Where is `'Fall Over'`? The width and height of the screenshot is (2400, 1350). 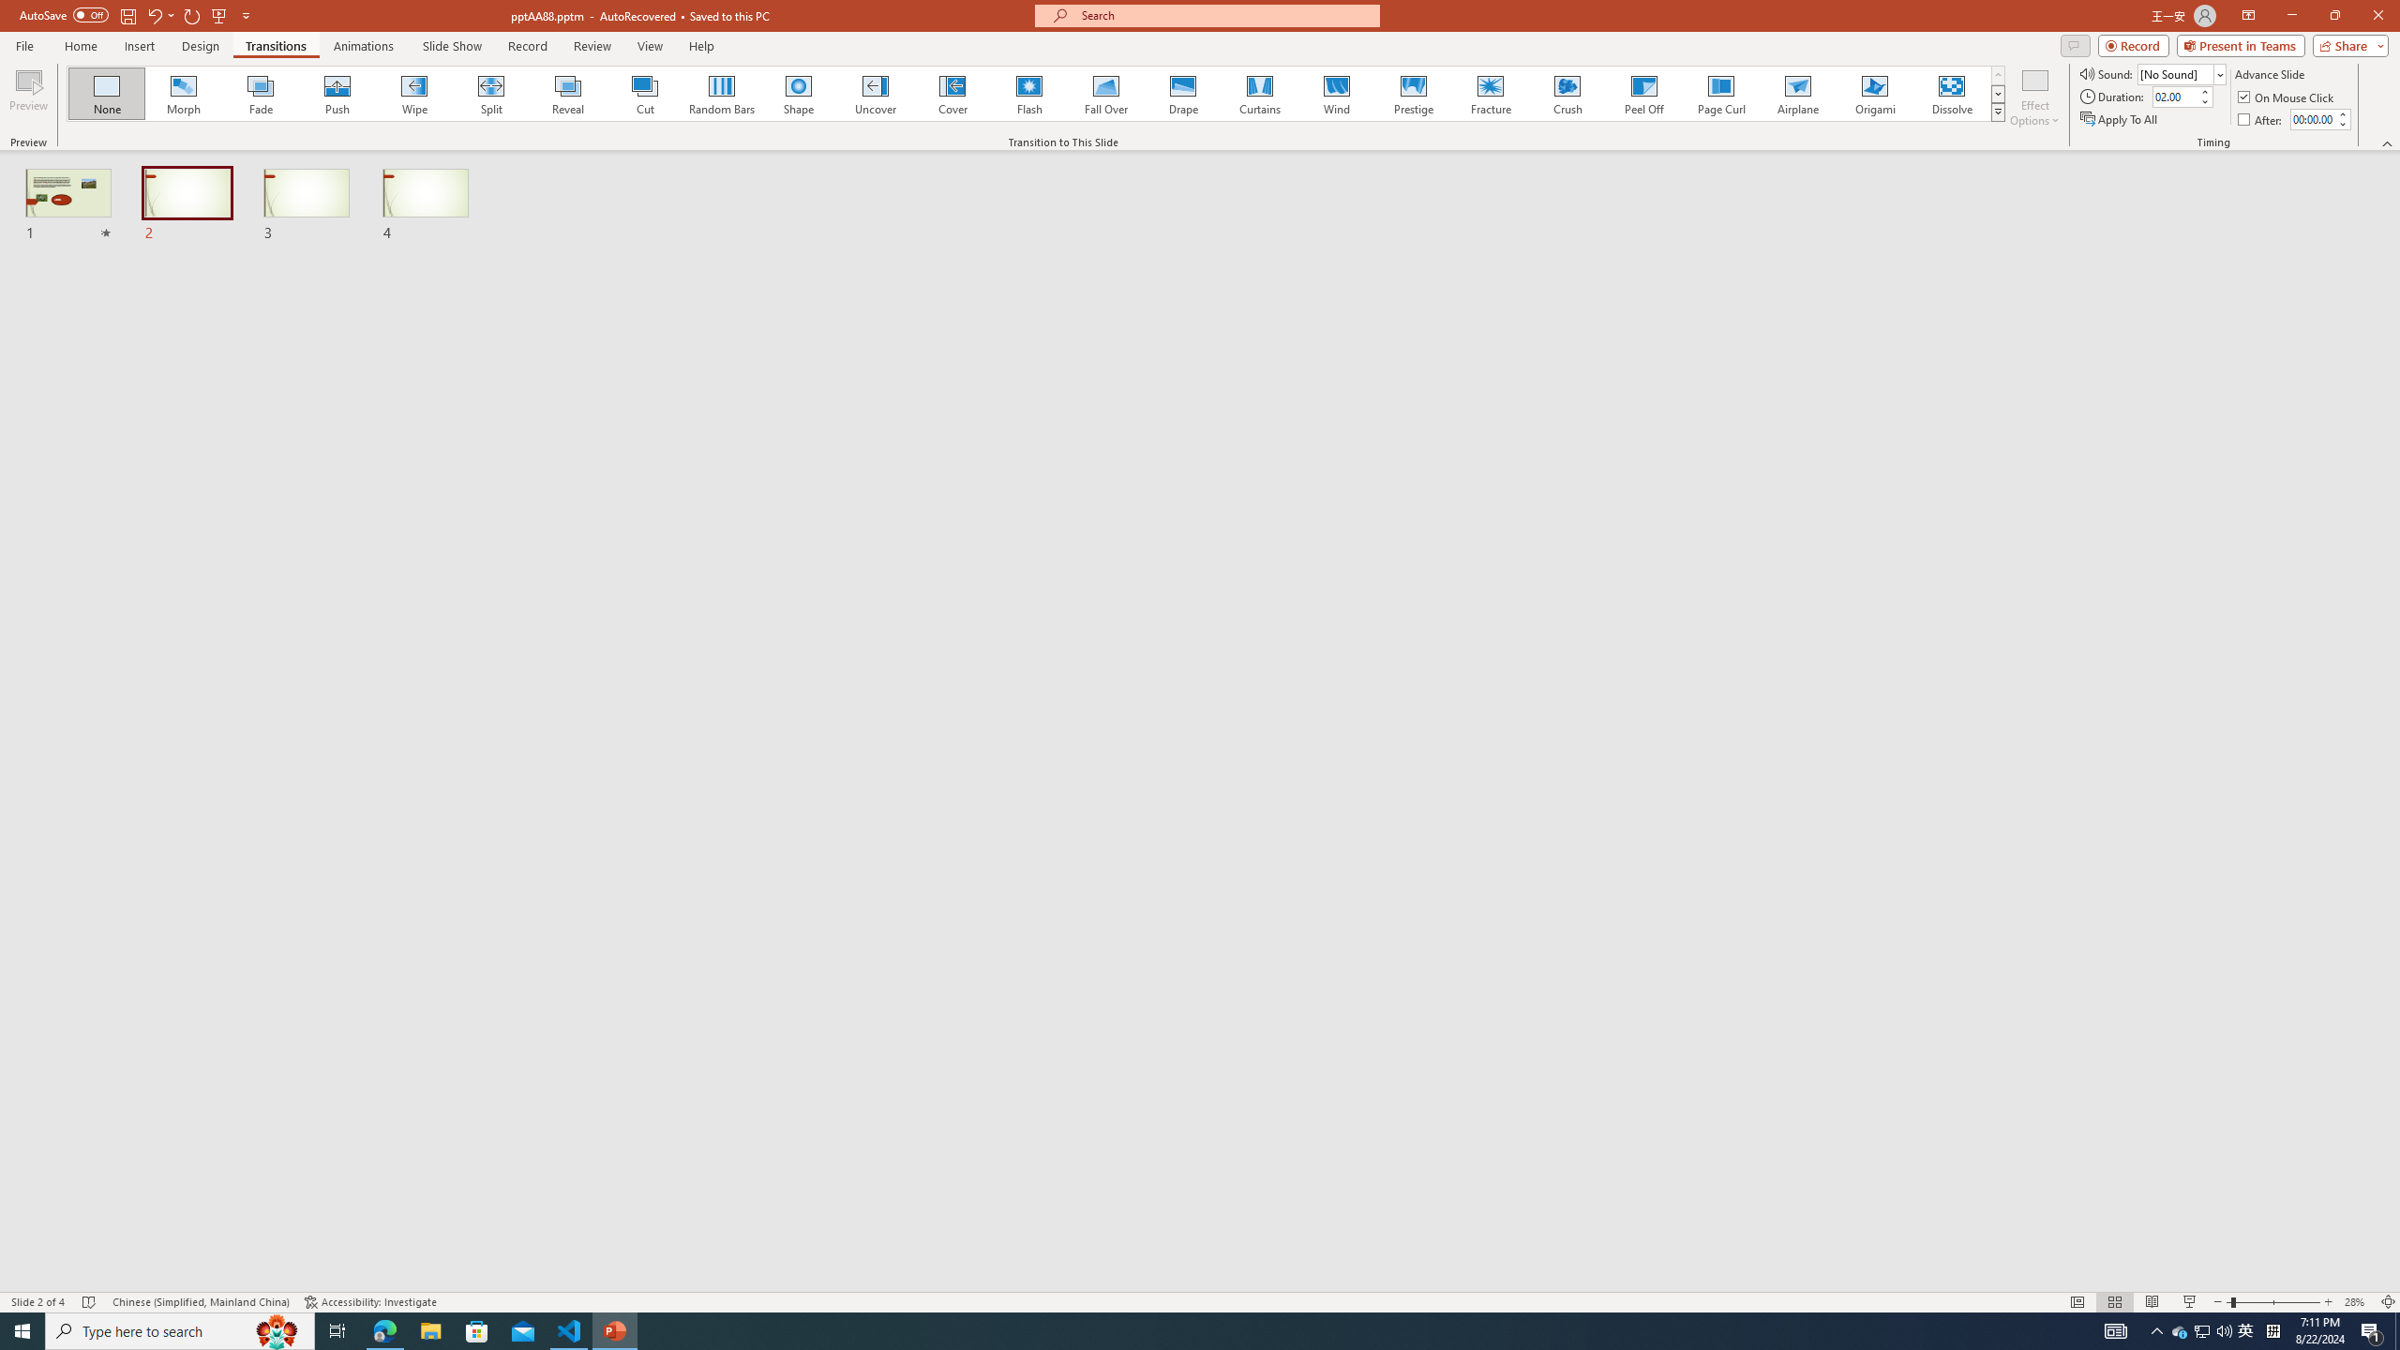 'Fall Over' is located at coordinates (1105, 93).